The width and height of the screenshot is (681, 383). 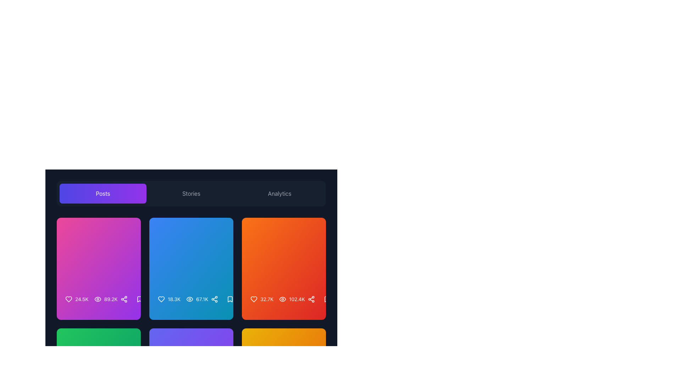 What do you see at coordinates (77, 299) in the screenshot?
I see `the Text label displaying a numerical count of likes or favorites, located in the bottom left corner of a card with a purple gradient background` at bounding box center [77, 299].